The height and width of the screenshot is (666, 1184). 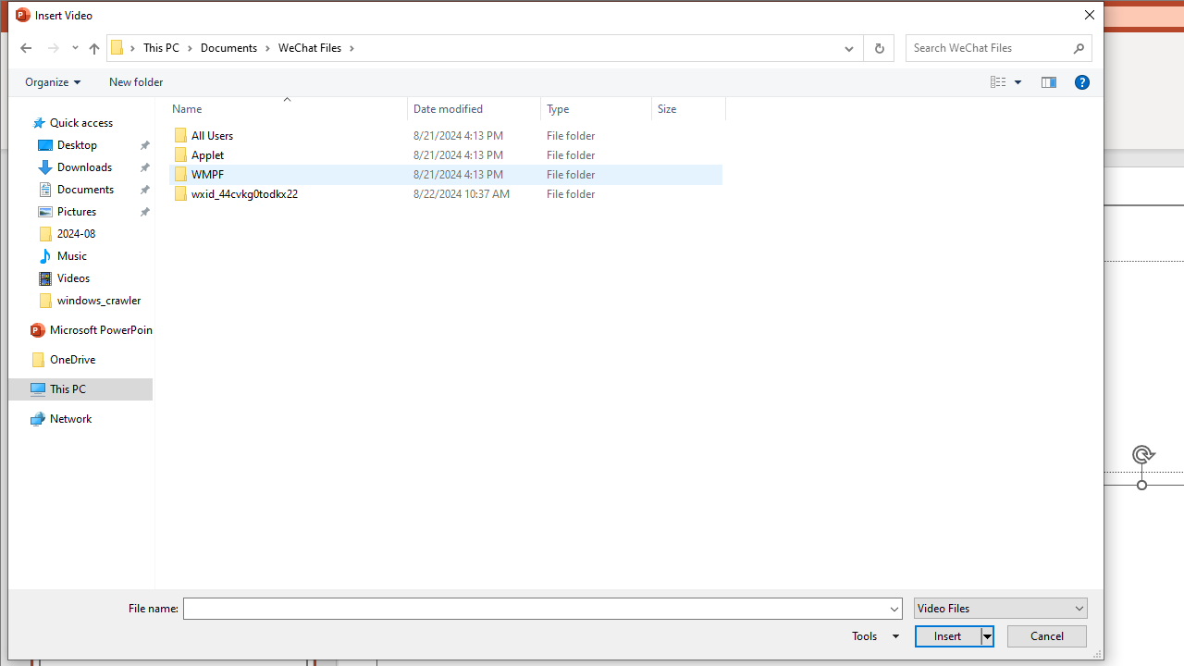 What do you see at coordinates (541, 609) in the screenshot?
I see `'File name:'` at bounding box center [541, 609].